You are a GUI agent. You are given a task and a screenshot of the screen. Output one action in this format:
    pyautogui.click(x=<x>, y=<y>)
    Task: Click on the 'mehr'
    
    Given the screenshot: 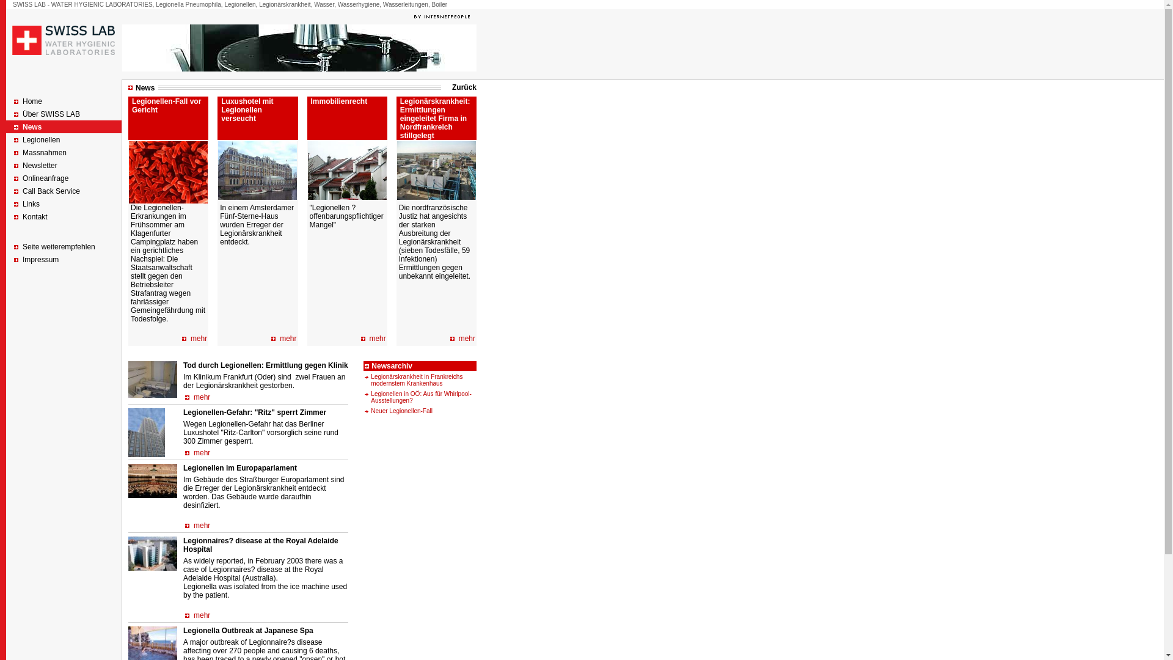 What is the action you would take?
    pyautogui.click(x=376, y=339)
    